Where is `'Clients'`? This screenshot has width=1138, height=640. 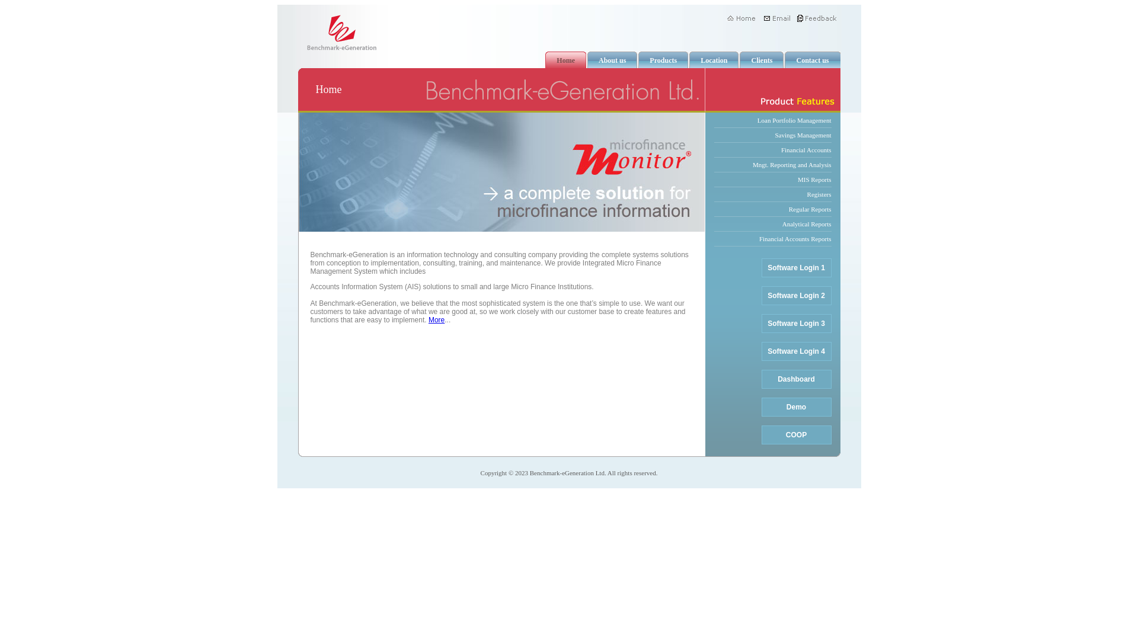
'Clients' is located at coordinates (764, 60).